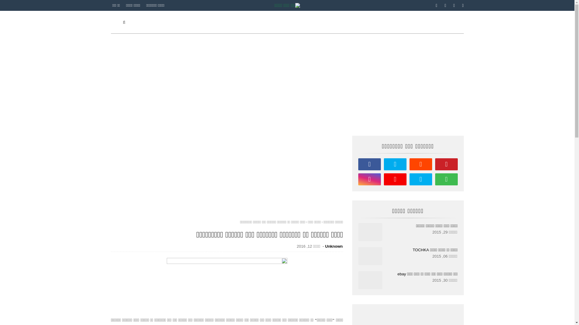  Describe the element at coordinates (435, 179) in the screenshot. I see `'whatsapp'` at that location.